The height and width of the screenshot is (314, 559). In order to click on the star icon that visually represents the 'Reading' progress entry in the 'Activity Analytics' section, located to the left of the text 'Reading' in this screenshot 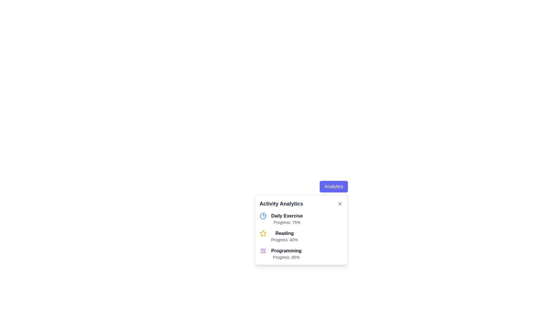, I will do `click(263, 233)`.